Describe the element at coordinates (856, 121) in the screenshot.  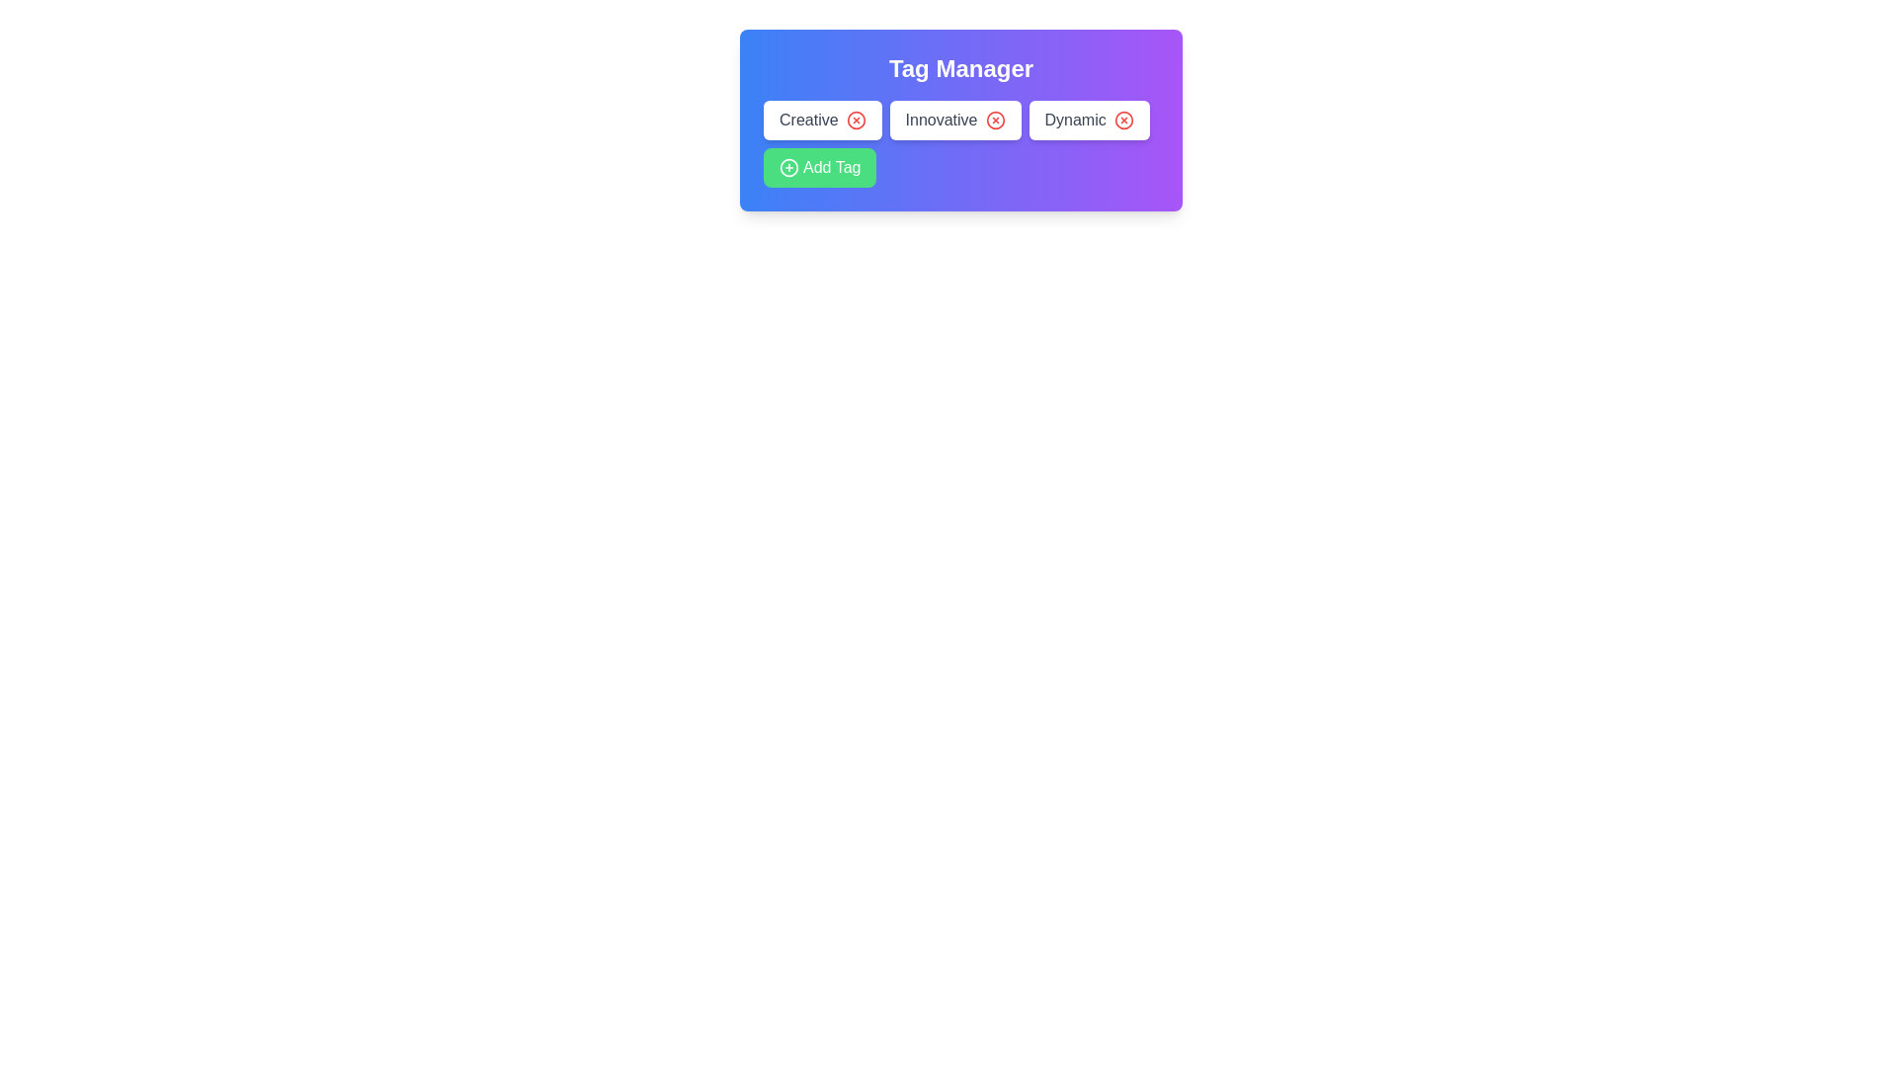
I see `remove button for the tag labeled Creative` at that location.